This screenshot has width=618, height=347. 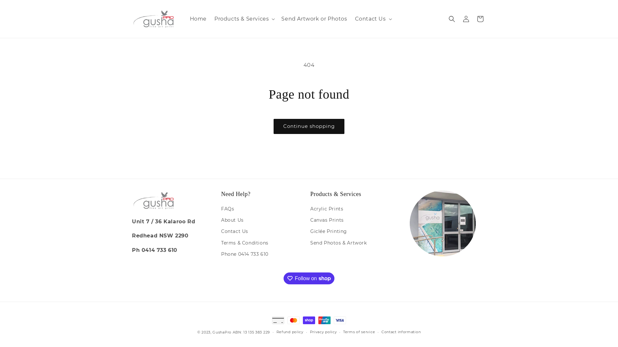 I want to click on 'GushaPro', so click(x=222, y=332).